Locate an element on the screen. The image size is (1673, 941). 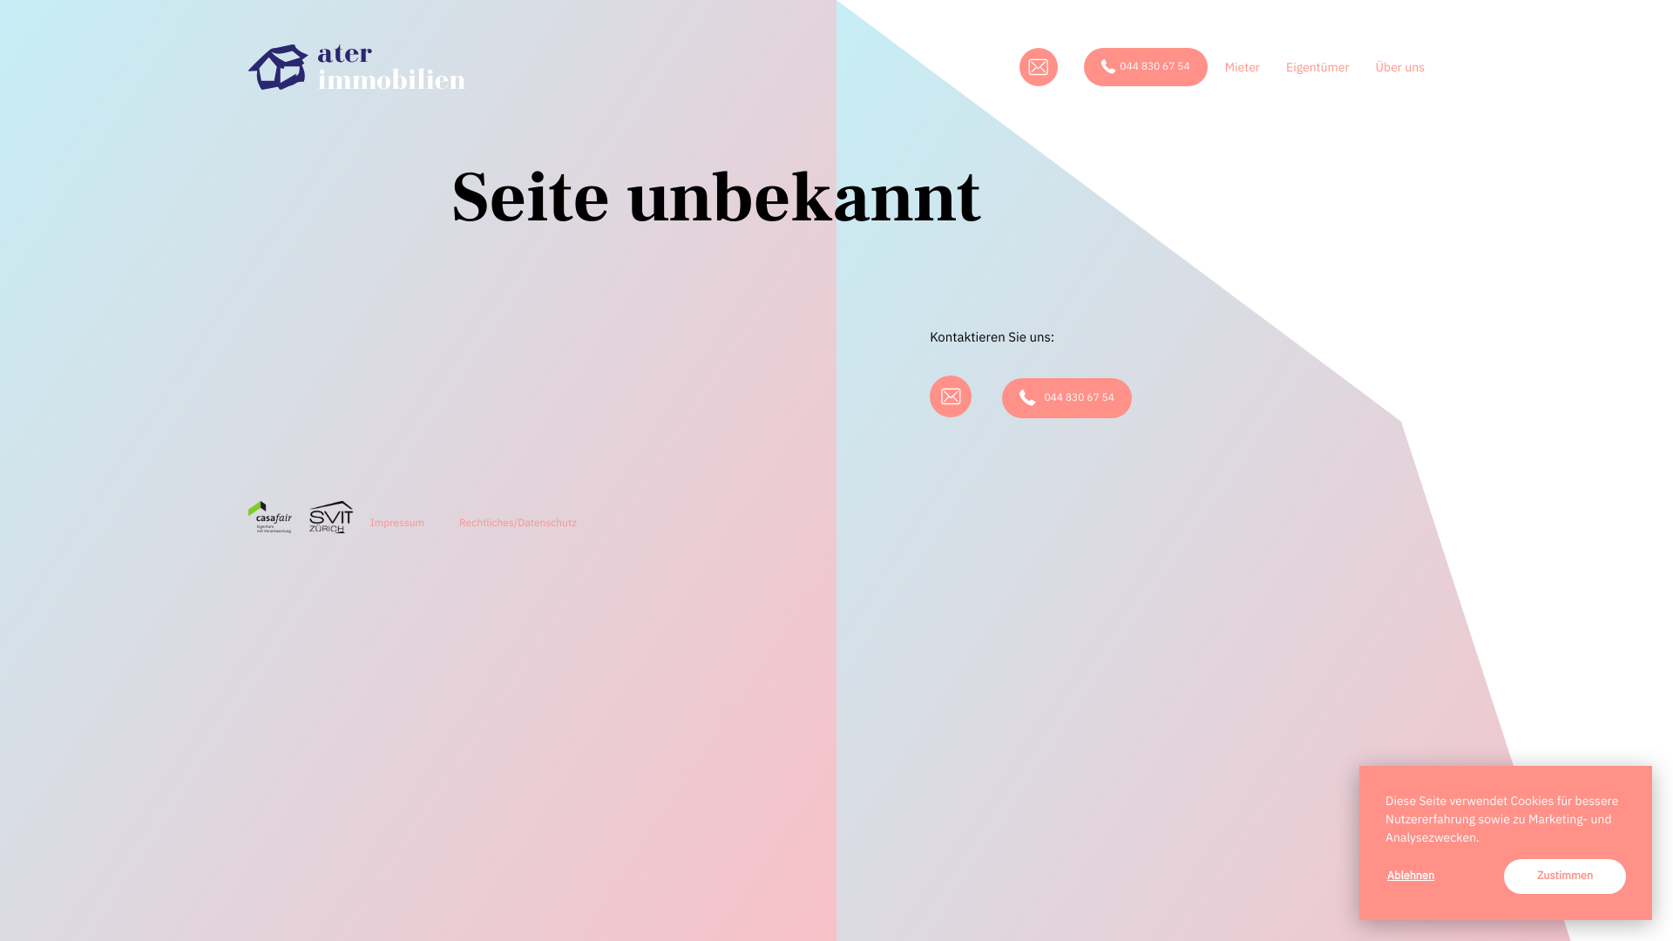
'044 830 67 54' is located at coordinates (1066, 397).